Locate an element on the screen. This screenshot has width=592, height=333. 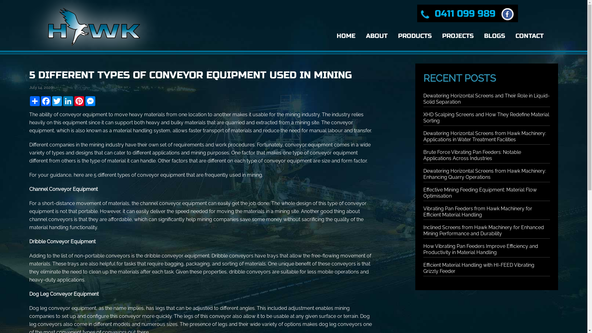
'facebook' is located at coordinates (506, 13).